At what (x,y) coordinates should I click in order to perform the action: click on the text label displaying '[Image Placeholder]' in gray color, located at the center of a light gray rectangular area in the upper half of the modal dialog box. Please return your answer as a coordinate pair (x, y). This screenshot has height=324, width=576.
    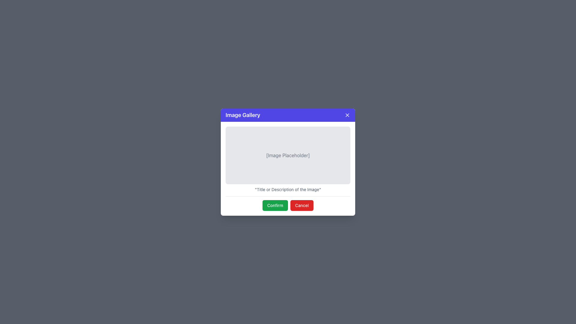
    Looking at the image, I should click on (288, 155).